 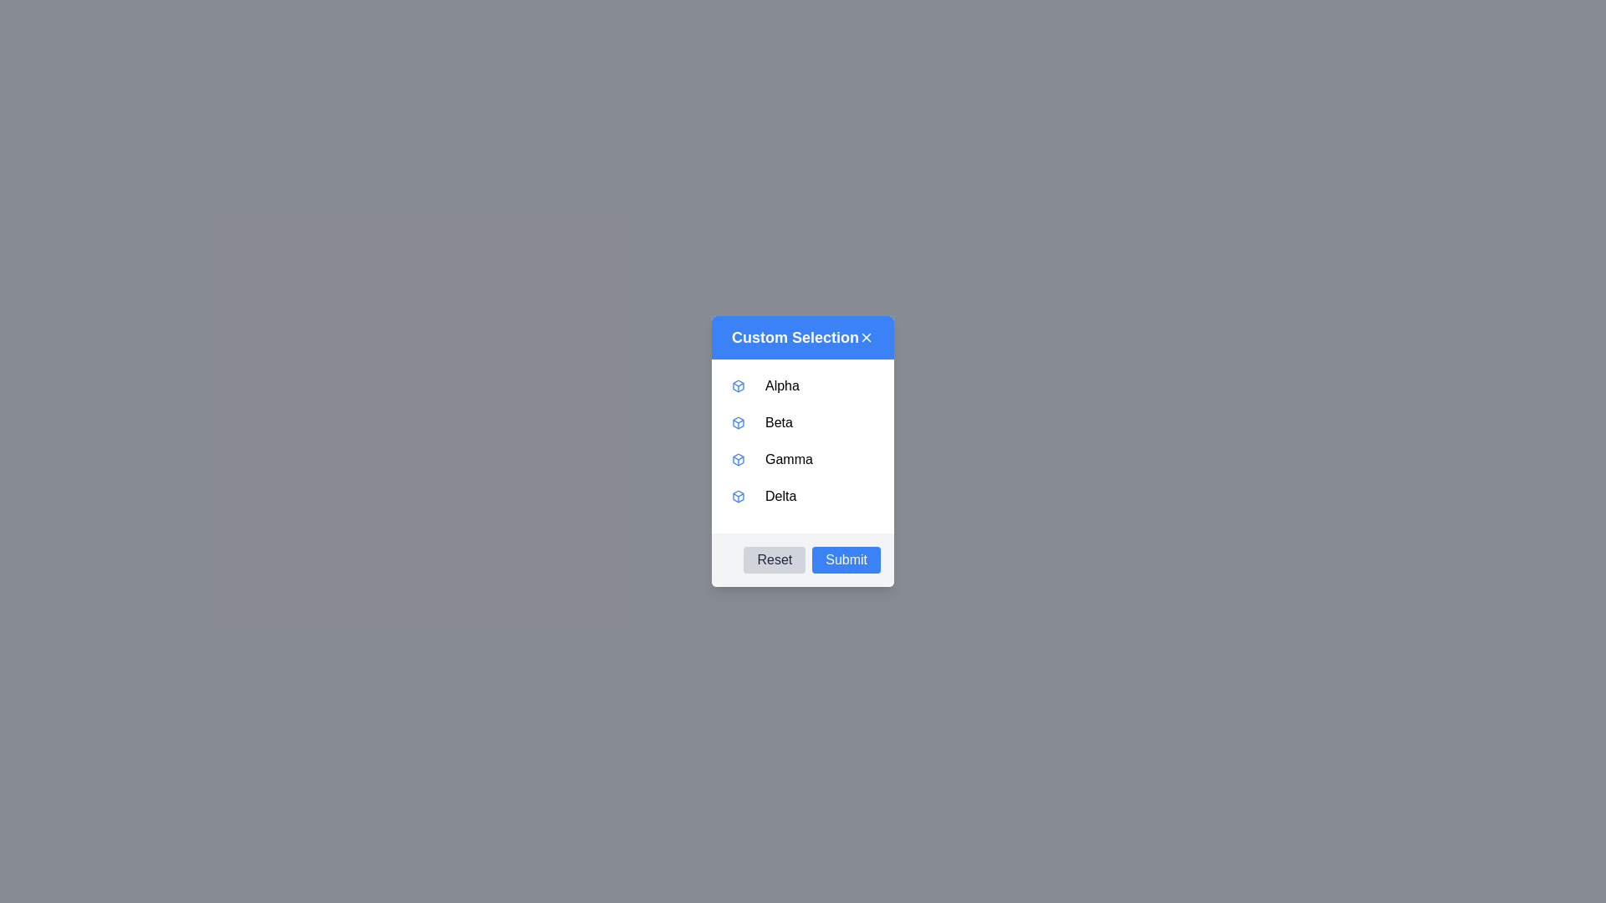 I want to click on the fourth icon in the vertical list labeled 'Delta', so click(x=738, y=496).